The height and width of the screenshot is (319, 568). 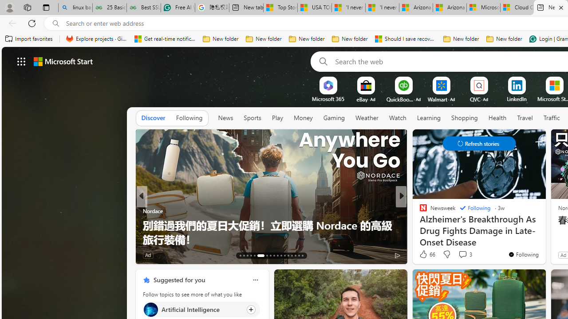 What do you see at coordinates (150, 309) in the screenshot?
I see `'Artificial Intelligence'` at bounding box center [150, 309].